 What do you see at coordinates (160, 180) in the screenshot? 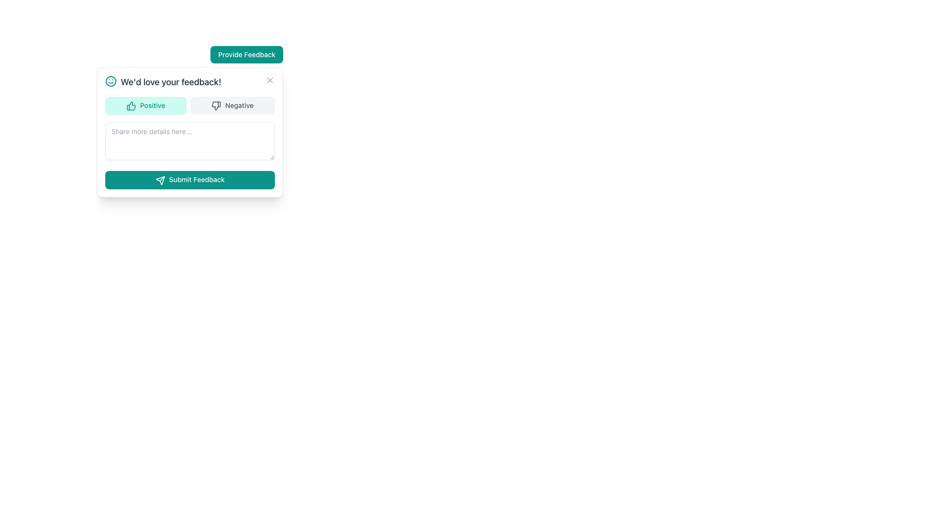
I see `the paper airplane icon located within the teal 'Submit Feedback' button at the bottom of the feedback form` at bounding box center [160, 180].